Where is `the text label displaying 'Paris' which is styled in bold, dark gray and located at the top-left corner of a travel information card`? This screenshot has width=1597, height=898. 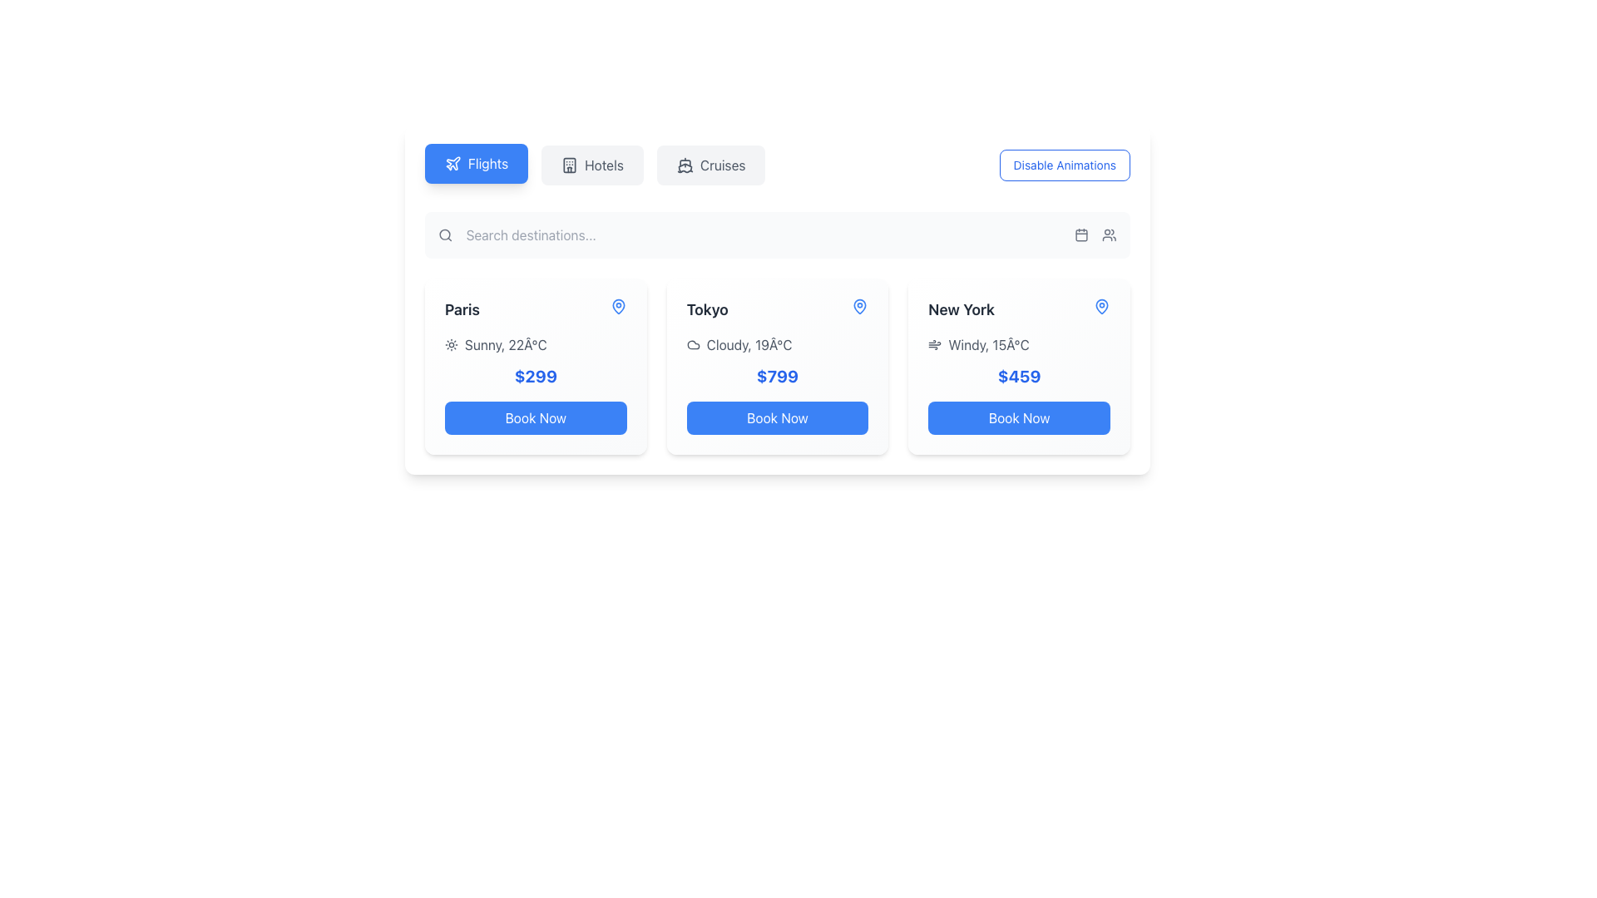 the text label displaying 'Paris' which is styled in bold, dark gray and located at the top-left corner of a travel information card is located at coordinates (462, 310).